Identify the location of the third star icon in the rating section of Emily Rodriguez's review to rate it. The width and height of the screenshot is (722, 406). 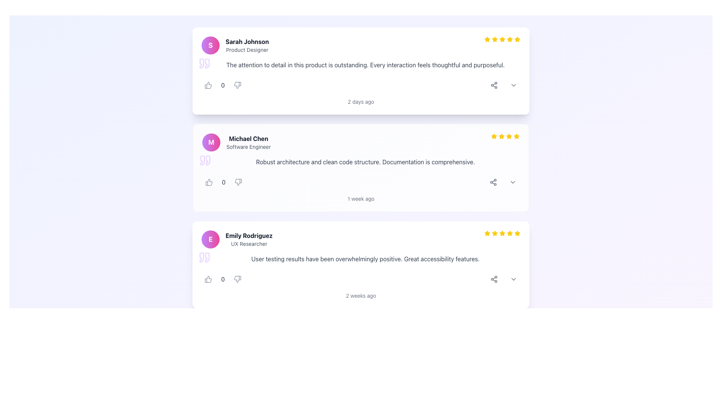
(502, 233).